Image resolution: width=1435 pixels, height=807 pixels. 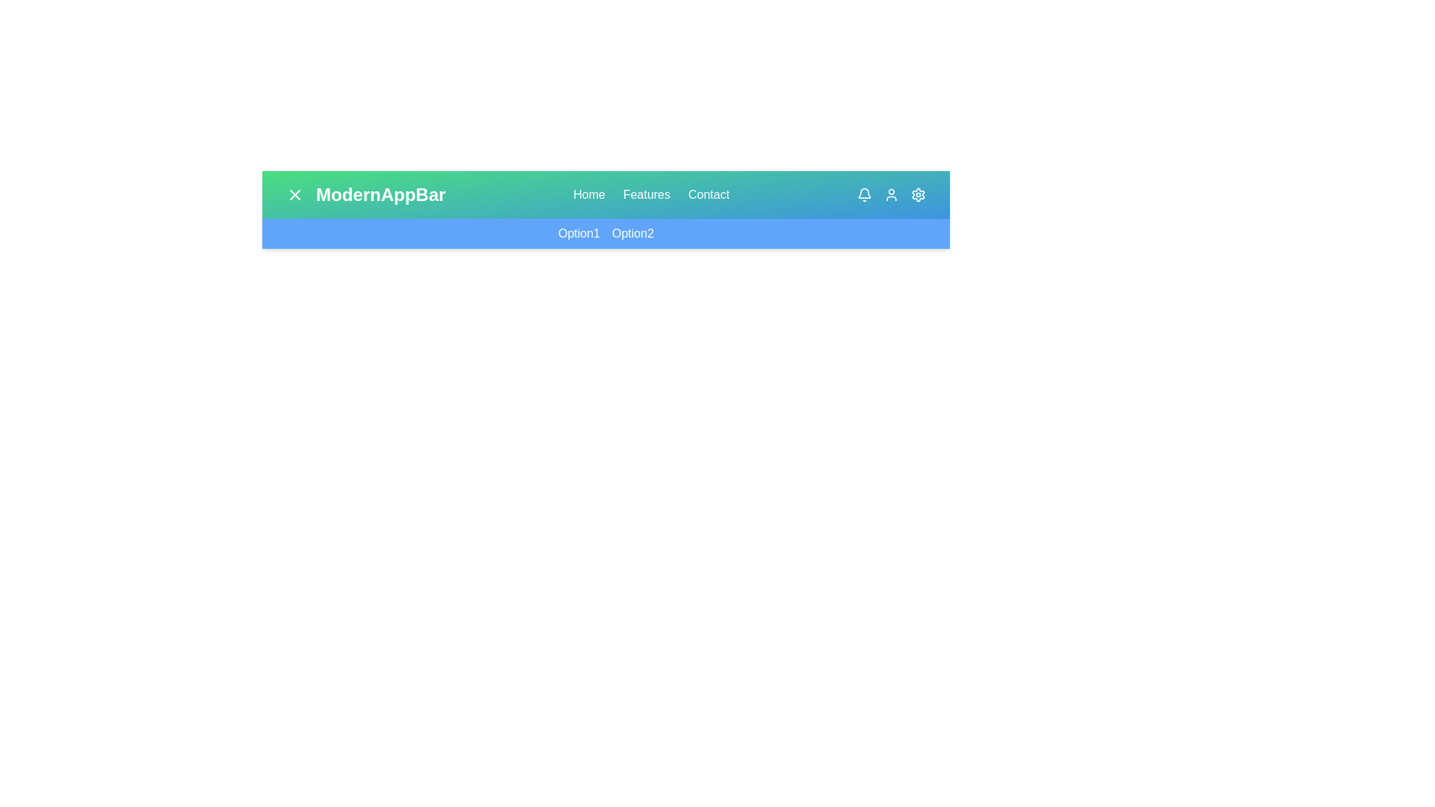 What do you see at coordinates (892, 194) in the screenshot?
I see `the User in the top-right corner` at bounding box center [892, 194].